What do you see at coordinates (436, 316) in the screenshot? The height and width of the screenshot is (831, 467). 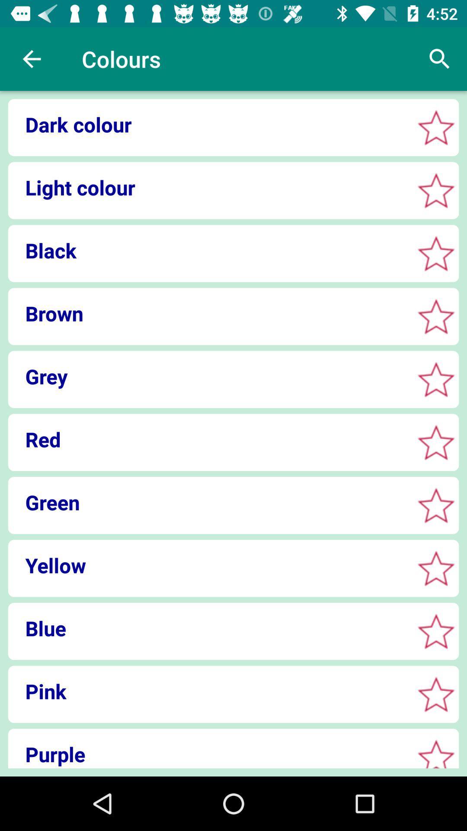 I see `the star is used to select the option` at bounding box center [436, 316].